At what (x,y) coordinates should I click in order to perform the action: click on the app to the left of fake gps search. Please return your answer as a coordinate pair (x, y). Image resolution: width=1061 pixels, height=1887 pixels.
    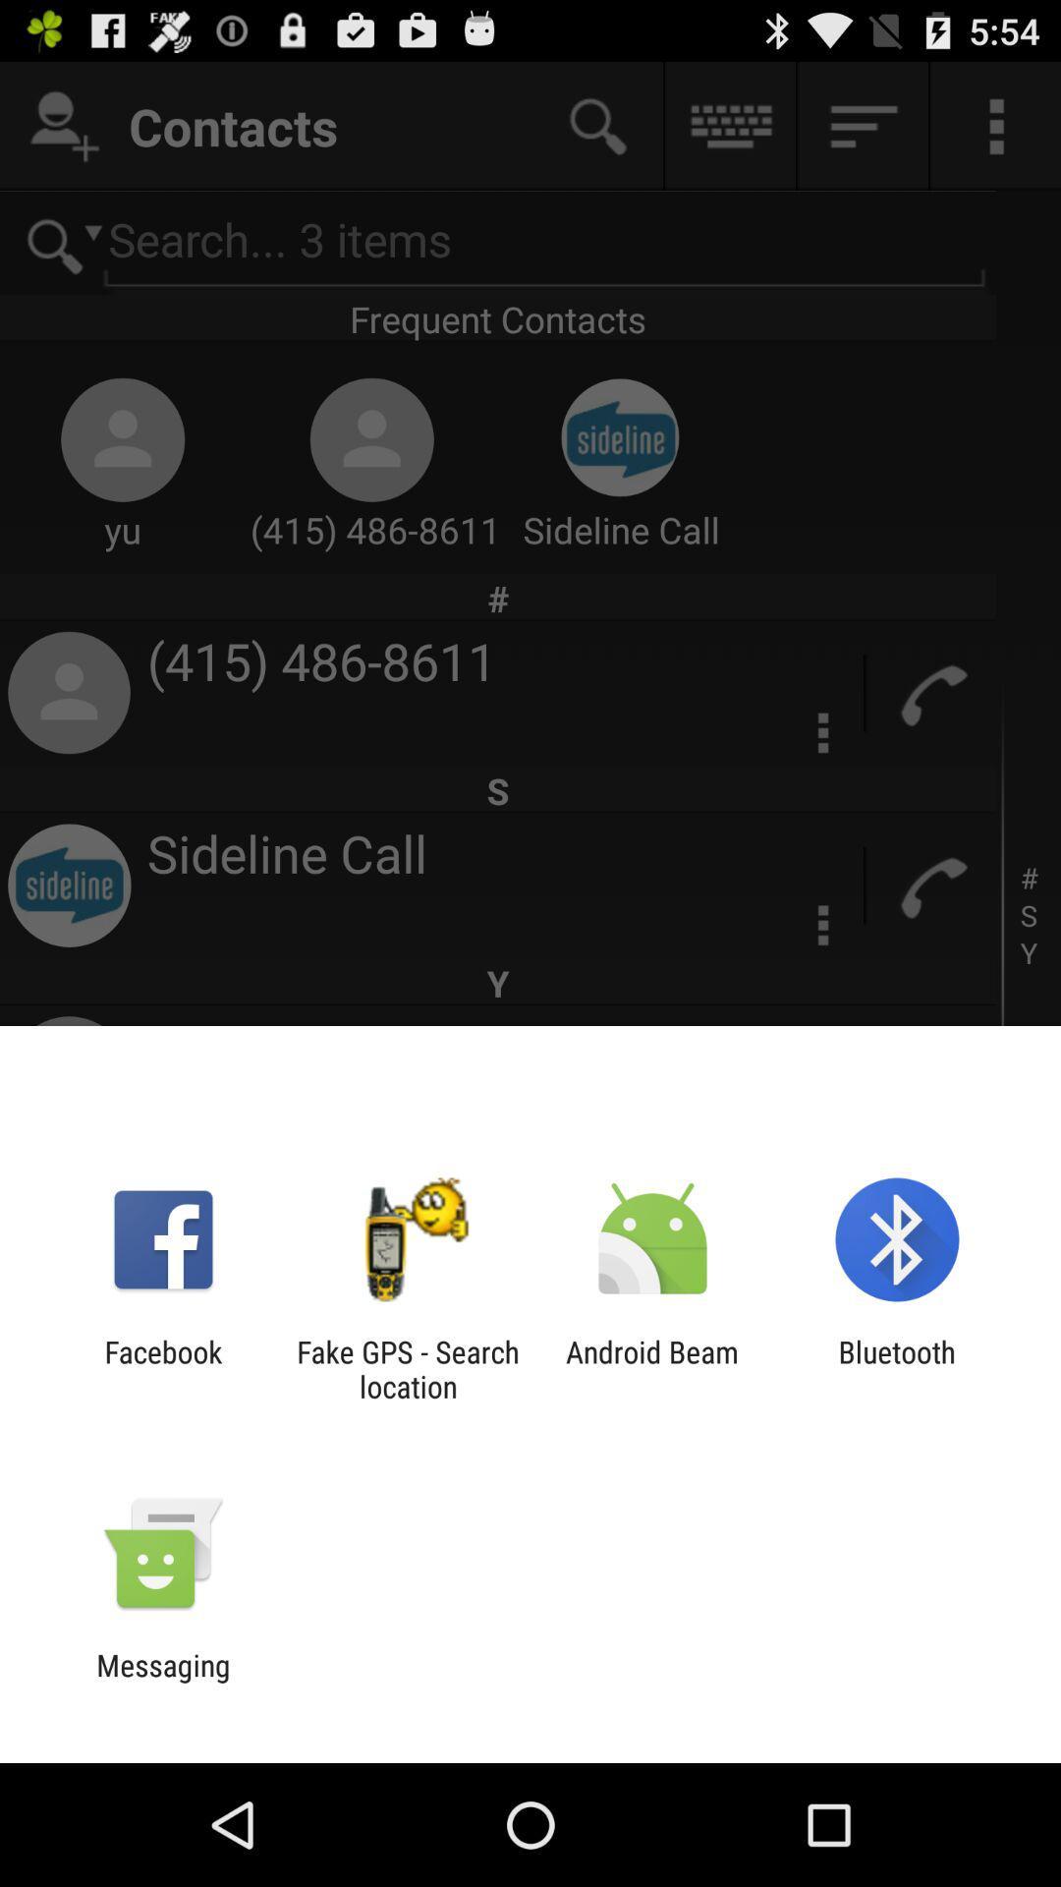
    Looking at the image, I should click on (162, 1368).